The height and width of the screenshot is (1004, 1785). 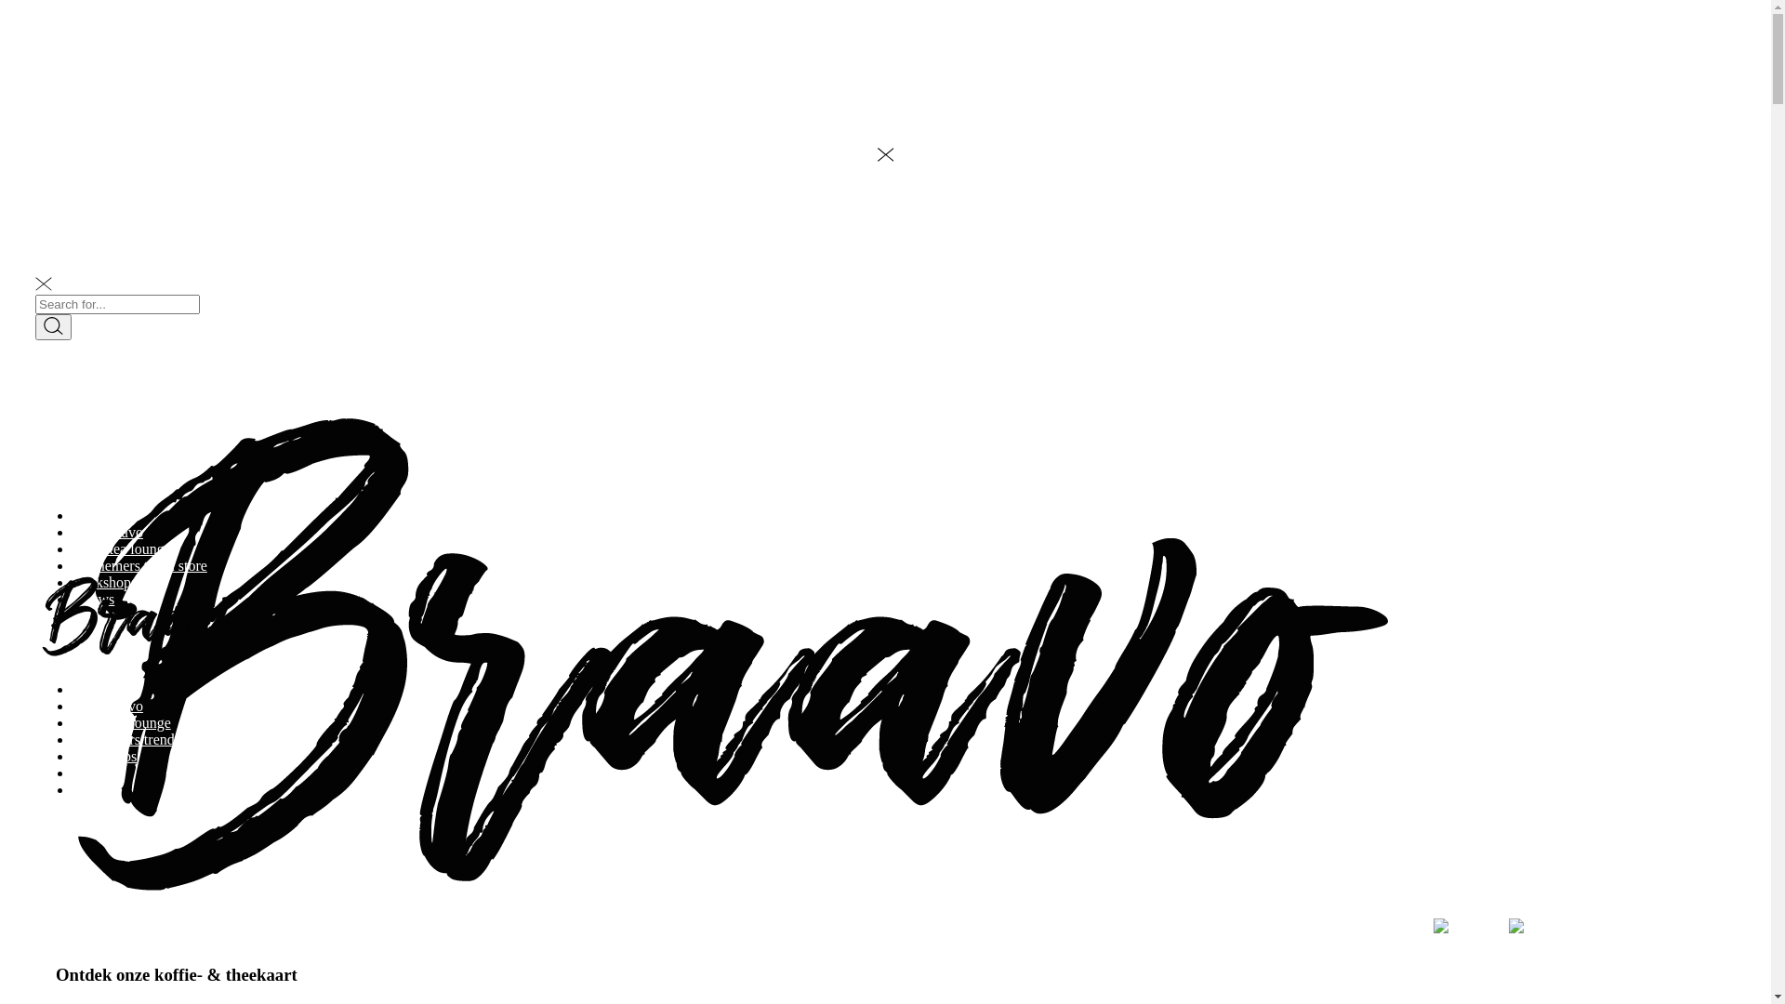 I want to click on 'deelnemers trend store', so click(x=139, y=738).